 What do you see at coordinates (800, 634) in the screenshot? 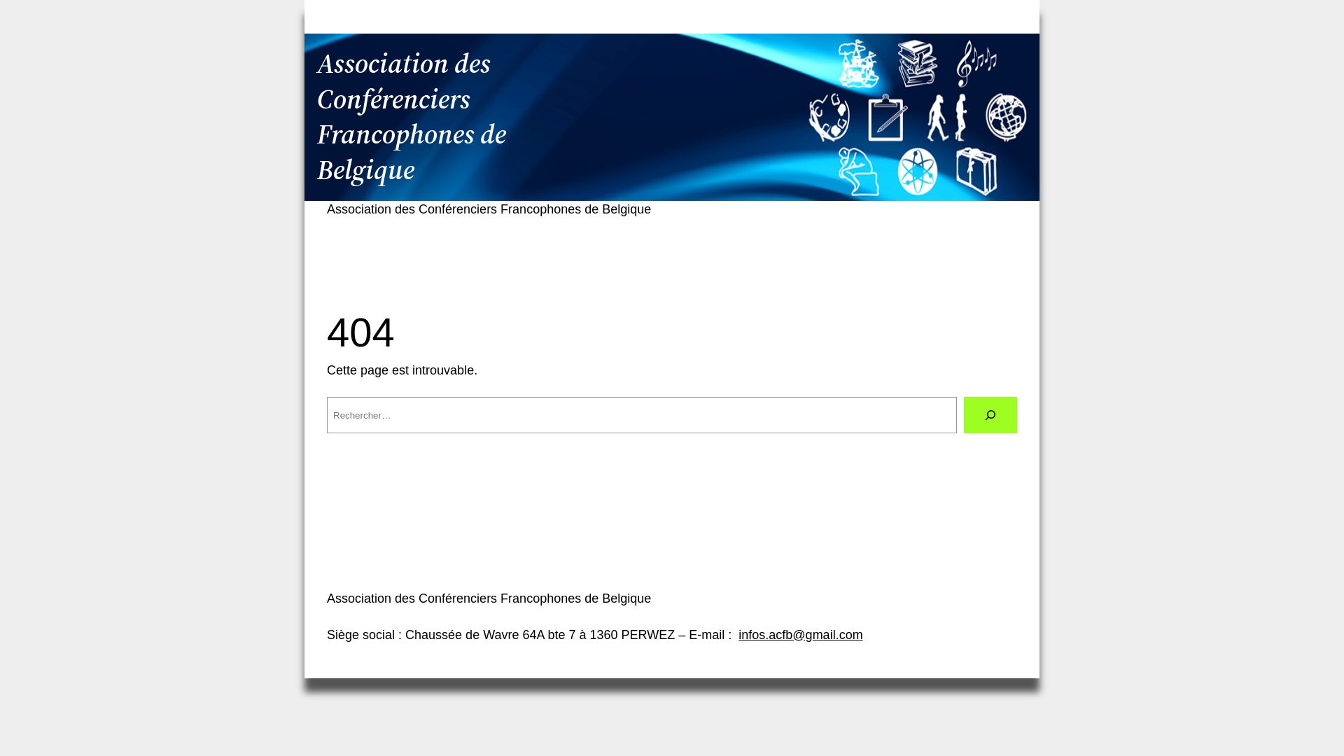
I see `'infos.acfb@gmail.com'` at bounding box center [800, 634].